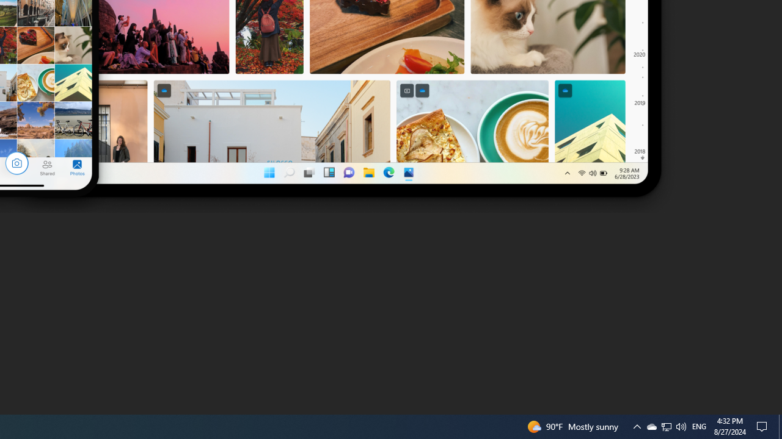 The image size is (782, 439). I want to click on 'Notification Chevron', so click(666, 426).